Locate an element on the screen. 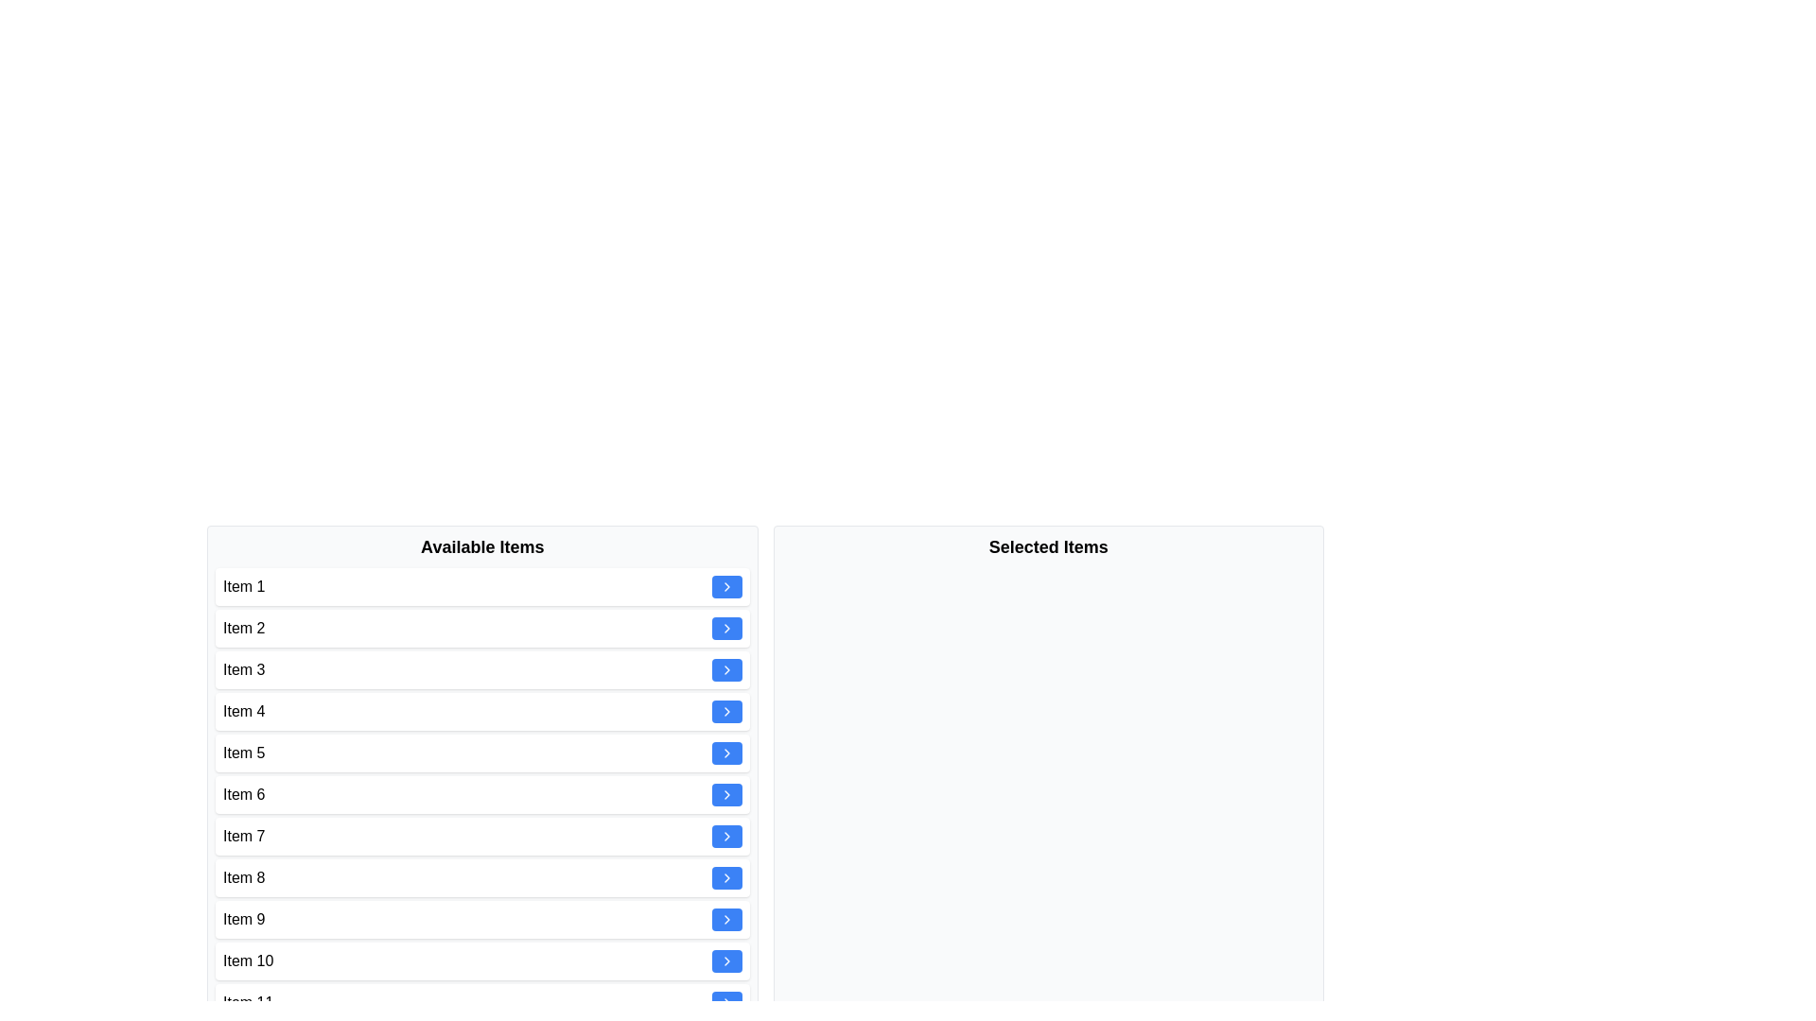 Image resolution: width=1816 pixels, height=1021 pixels. the chevron icon indicating a forward action for 'Item 8' in the 'Available Items' list is located at coordinates (725, 794).